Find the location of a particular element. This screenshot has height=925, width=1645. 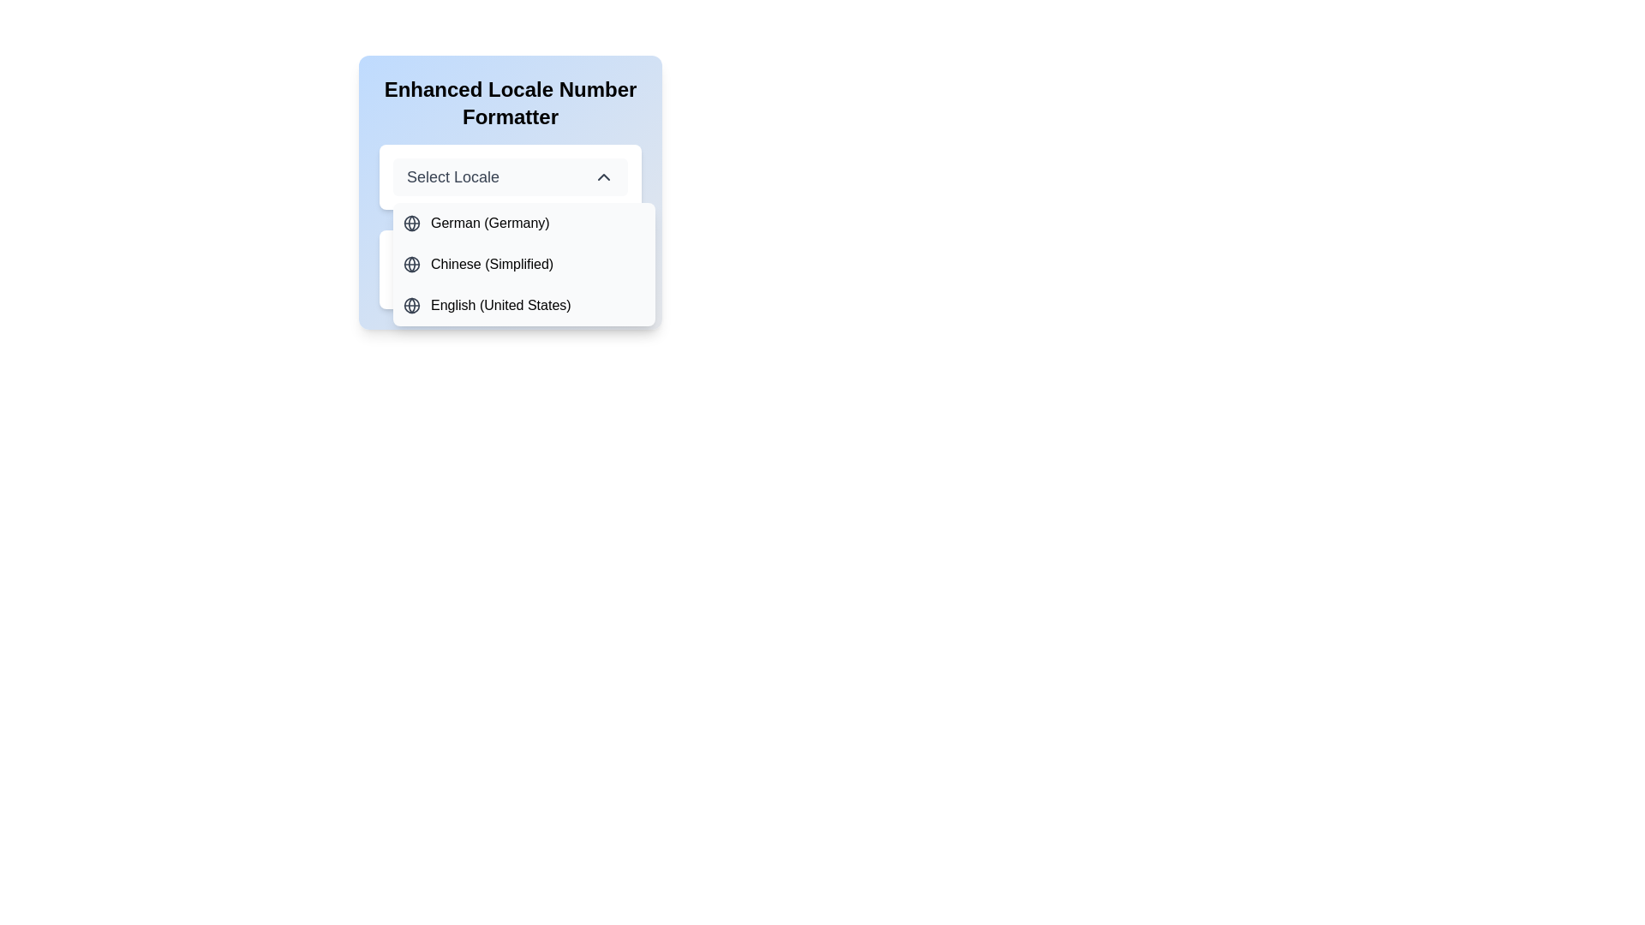

the text display box that presents a numerical value formatted according to the selected locale, located below the locale selector dropdown is located at coordinates (509, 270).